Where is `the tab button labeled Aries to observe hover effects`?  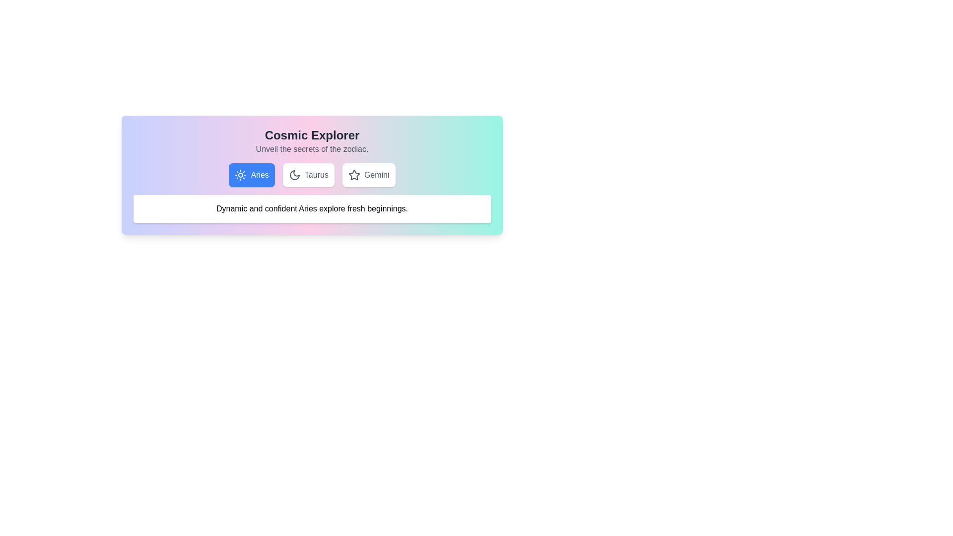
the tab button labeled Aries to observe hover effects is located at coordinates (252, 175).